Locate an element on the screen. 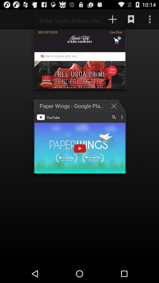 The height and width of the screenshot is (283, 159). the bookmark icon is located at coordinates (131, 21).